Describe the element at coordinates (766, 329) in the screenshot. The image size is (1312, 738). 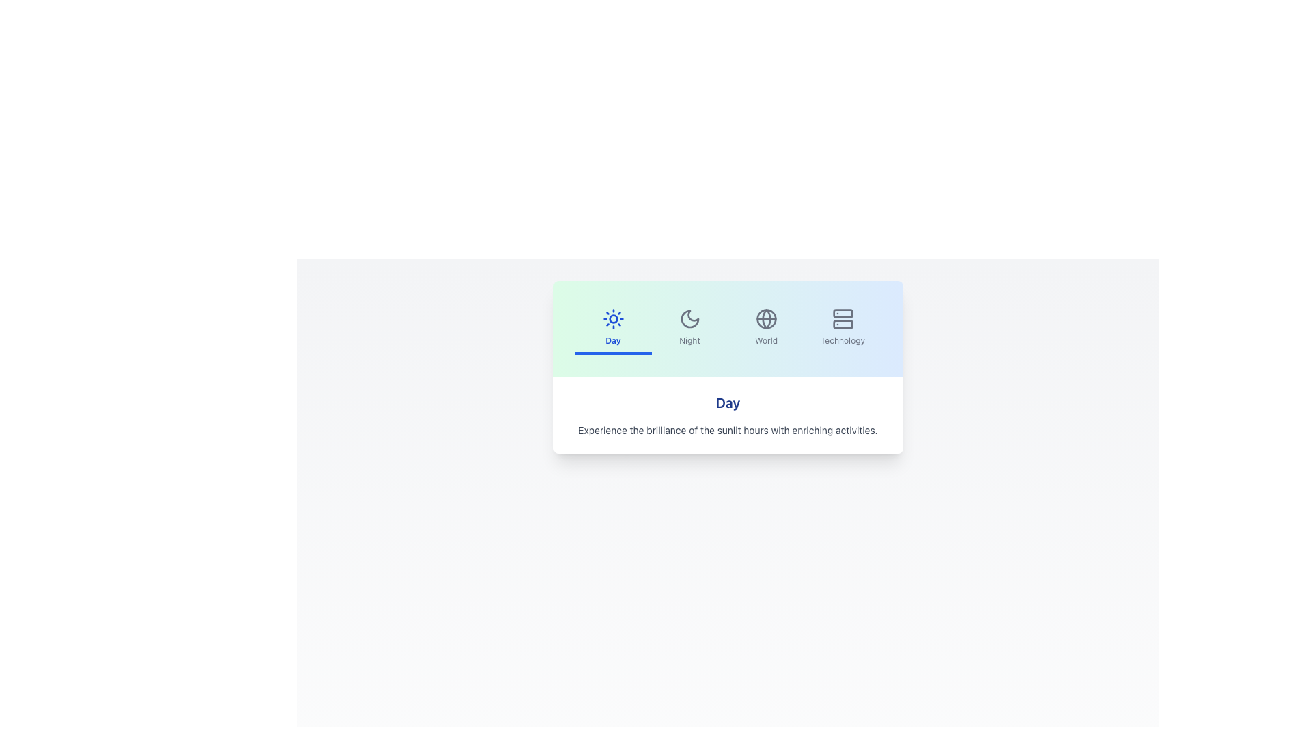
I see `the 'World' navigation button, which is the third option in a row of four icons, positioned between 'Night' and 'Technology'` at that location.